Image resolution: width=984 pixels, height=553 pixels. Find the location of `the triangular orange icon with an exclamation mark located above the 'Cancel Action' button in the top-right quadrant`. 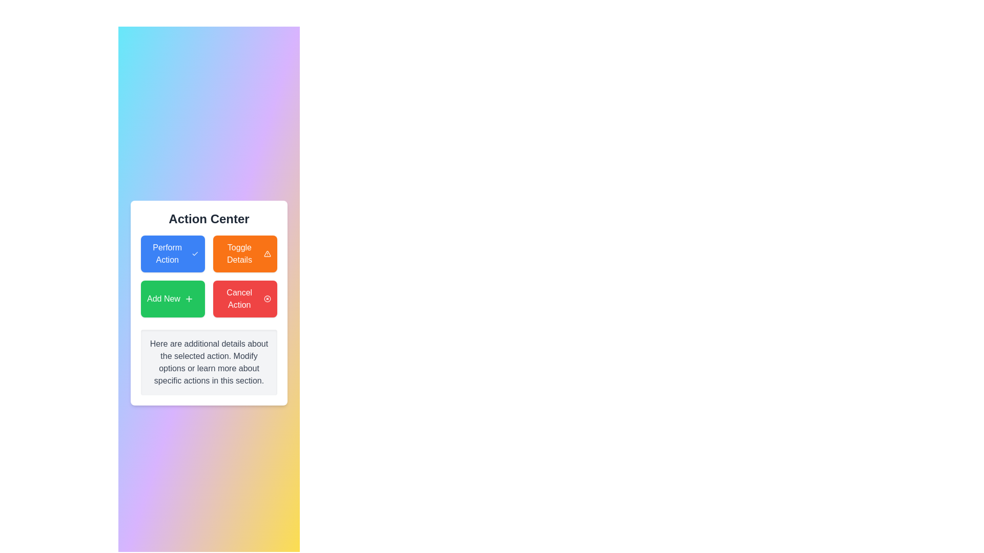

the triangular orange icon with an exclamation mark located above the 'Cancel Action' button in the top-right quadrant is located at coordinates (267, 253).